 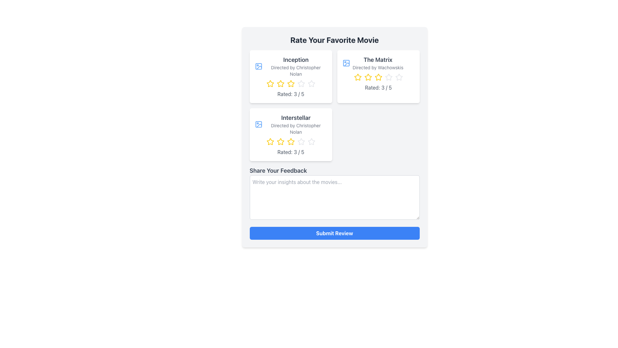 I want to click on the fourth rating star of the 'Interstellar' card, so click(x=301, y=141).